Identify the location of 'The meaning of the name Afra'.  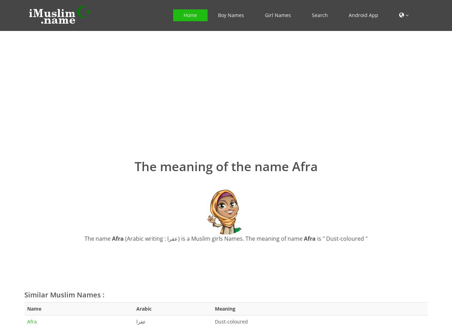
(226, 166).